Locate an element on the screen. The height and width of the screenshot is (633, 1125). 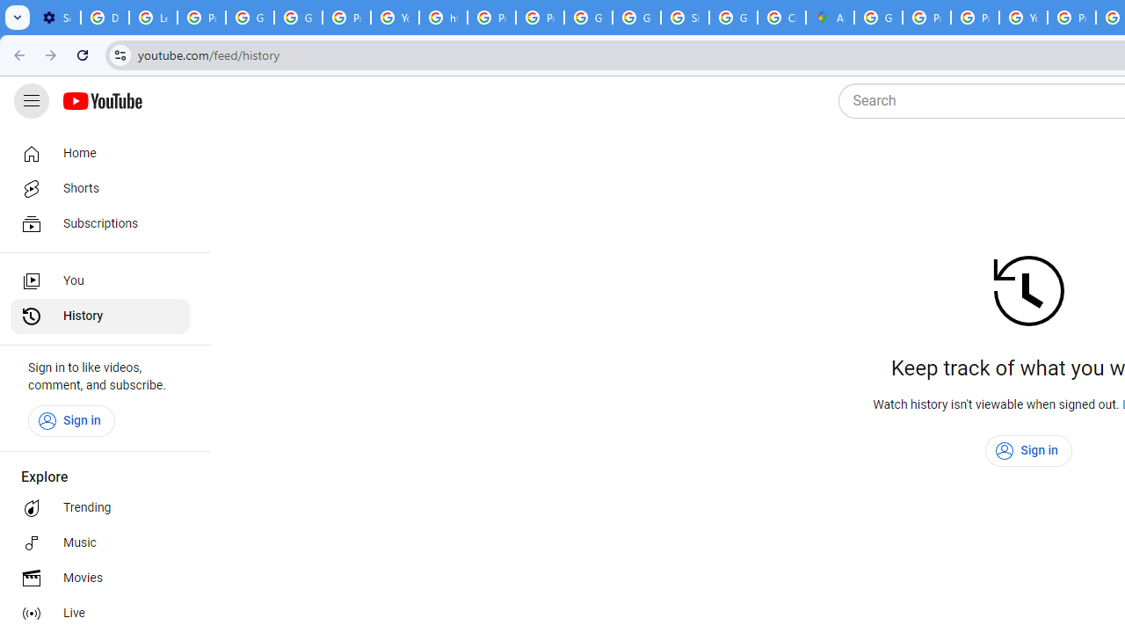
'Music' is located at coordinates (98, 542).